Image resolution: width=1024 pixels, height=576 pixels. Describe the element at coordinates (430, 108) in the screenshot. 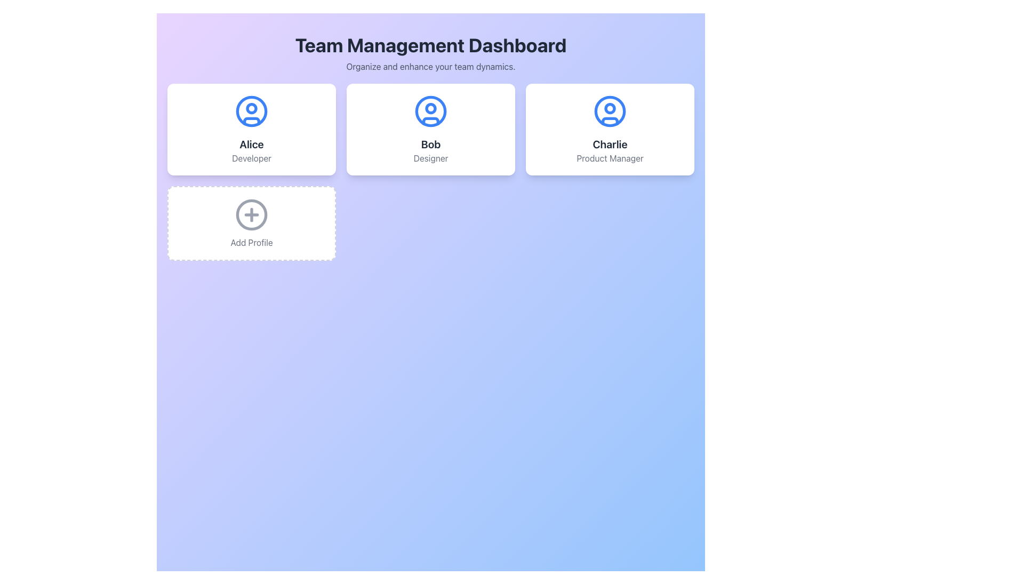

I see `the graphical circle element within the user profile icon labeled 'Bob - Designer', located near the top of the icon` at that location.